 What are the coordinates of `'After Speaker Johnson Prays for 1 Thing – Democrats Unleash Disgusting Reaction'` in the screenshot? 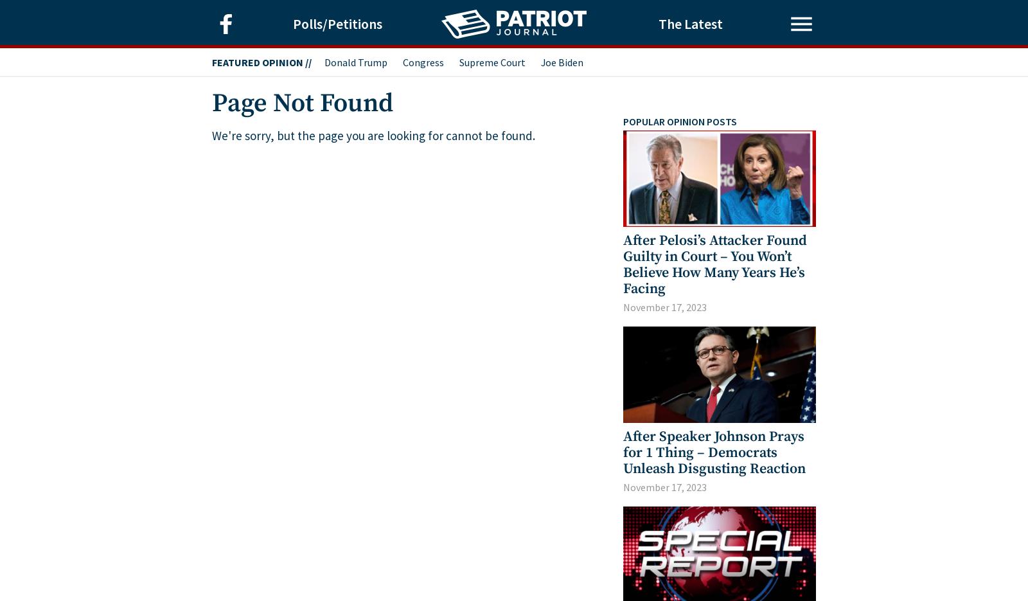 It's located at (714, 451).